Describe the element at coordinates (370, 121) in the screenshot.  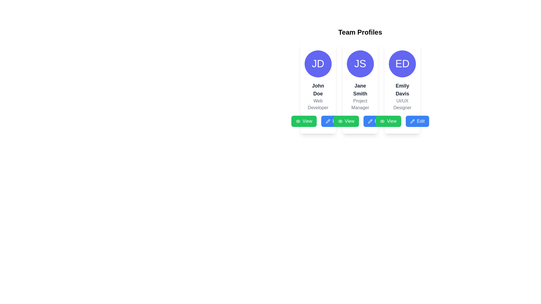
I see `the pencil icon located within the 'Edit' button associated with the profile card of 'Emily Davis'` at that location.